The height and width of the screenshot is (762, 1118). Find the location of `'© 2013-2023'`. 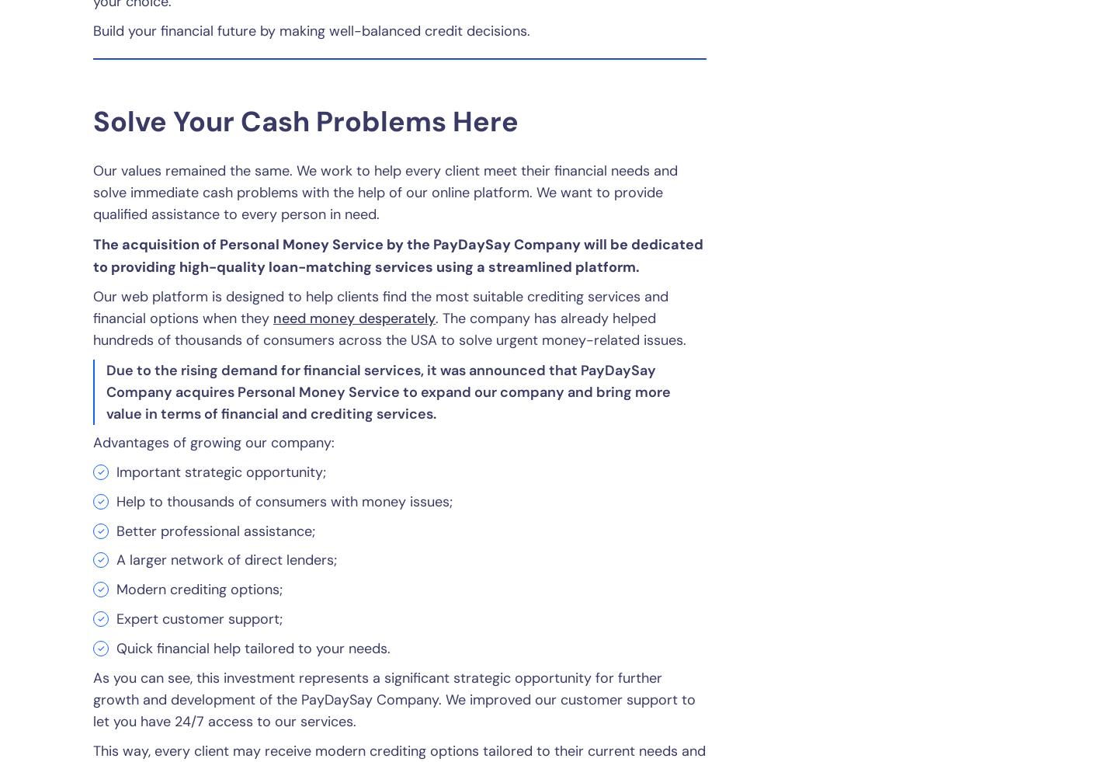

'© 2013-2023' is located at coordinates (613, 578).